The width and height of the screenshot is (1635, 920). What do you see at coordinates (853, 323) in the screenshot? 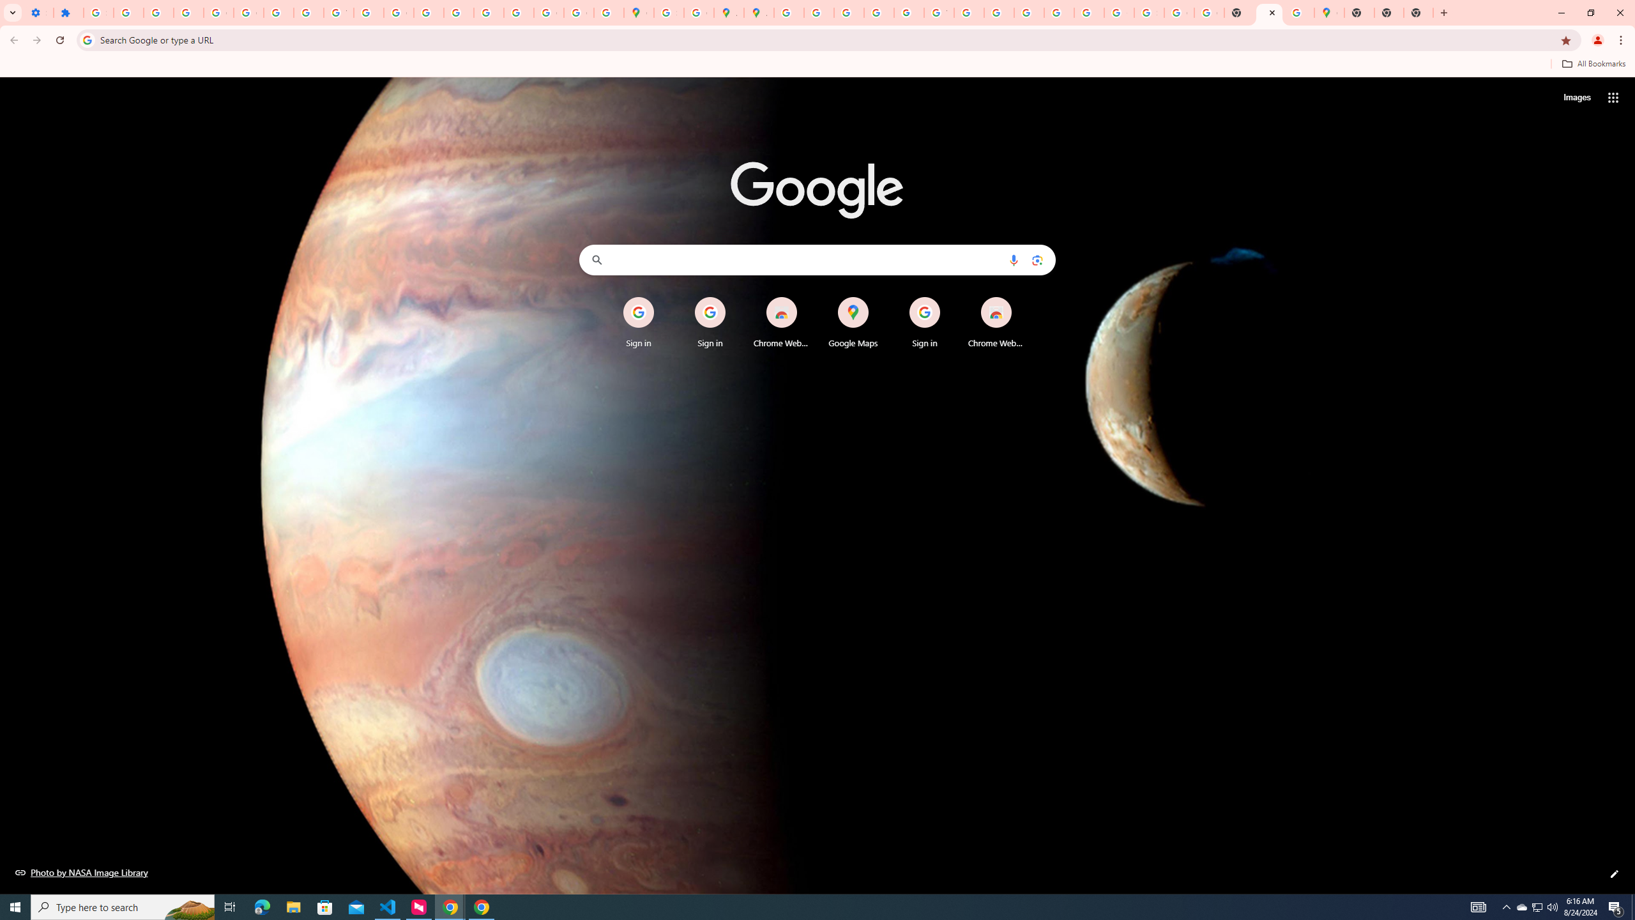
I see `'Google Maps'` at bounding box center [853, 323].